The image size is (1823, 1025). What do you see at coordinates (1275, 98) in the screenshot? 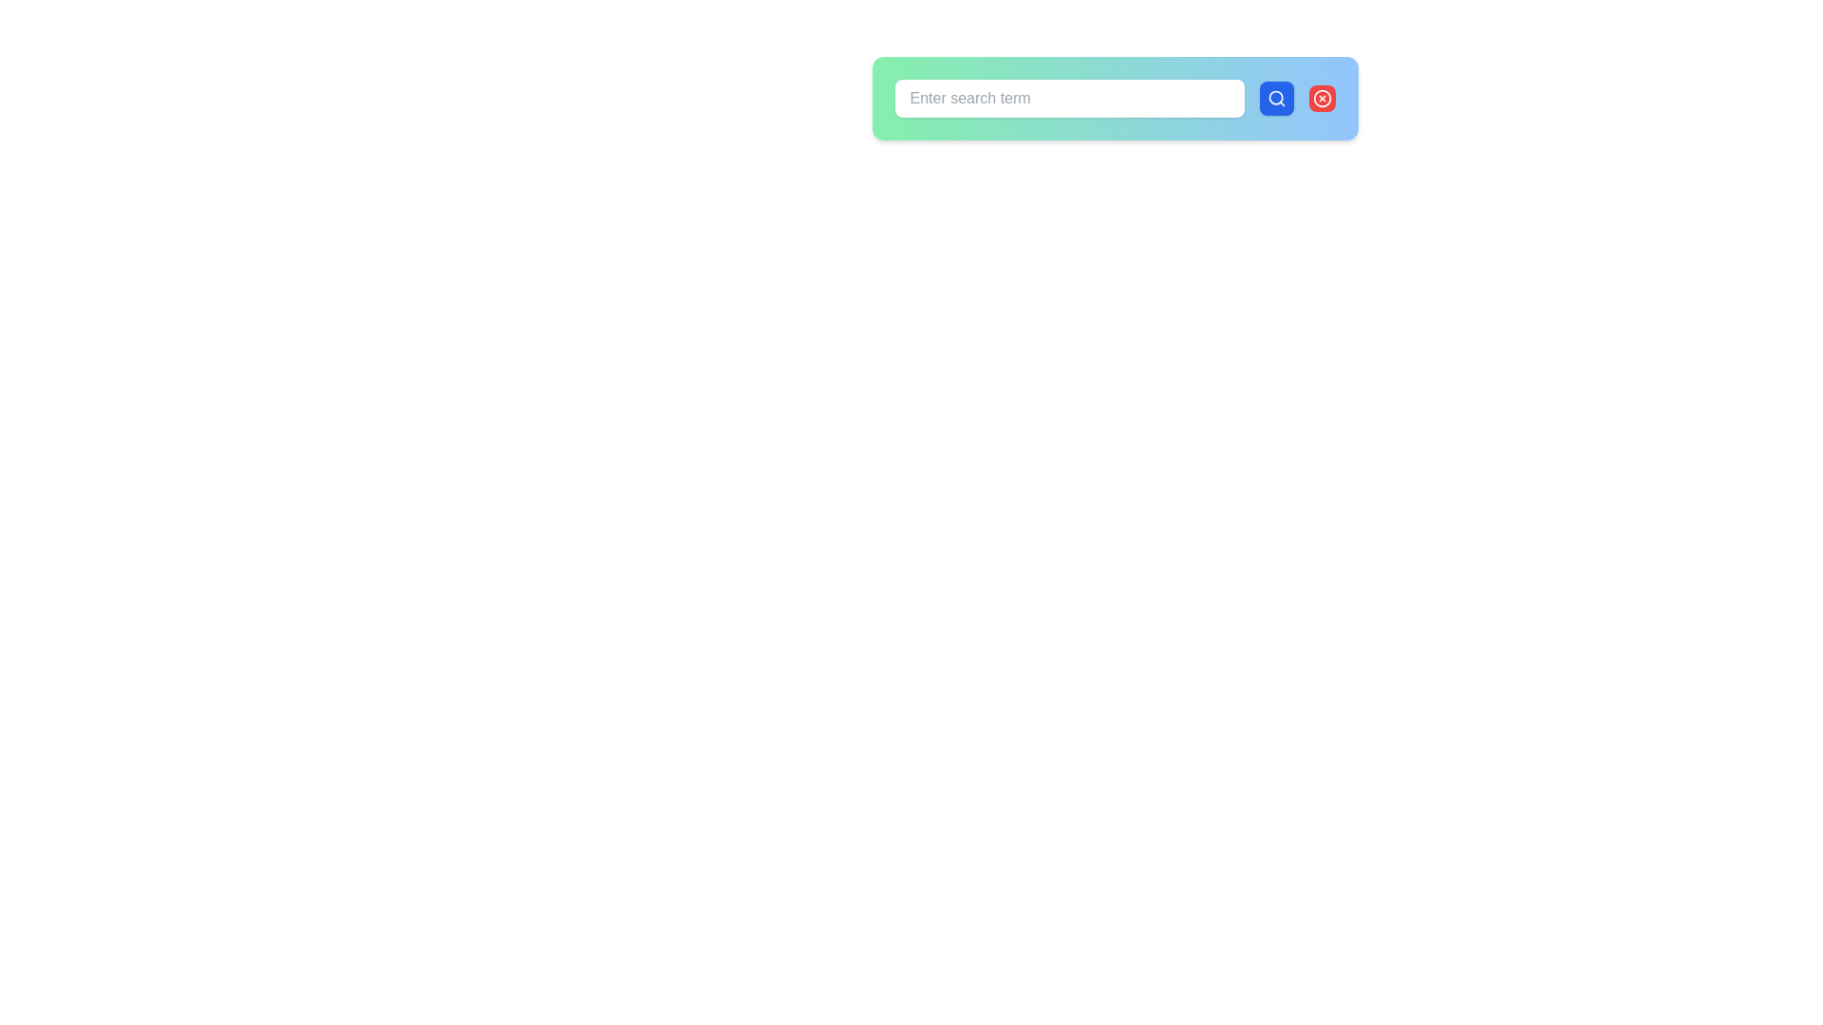
I see `the central circular shape of the magnifying glass icon, which symbolizes the lens part used for search functionality` at bounding box center [1275, 98].